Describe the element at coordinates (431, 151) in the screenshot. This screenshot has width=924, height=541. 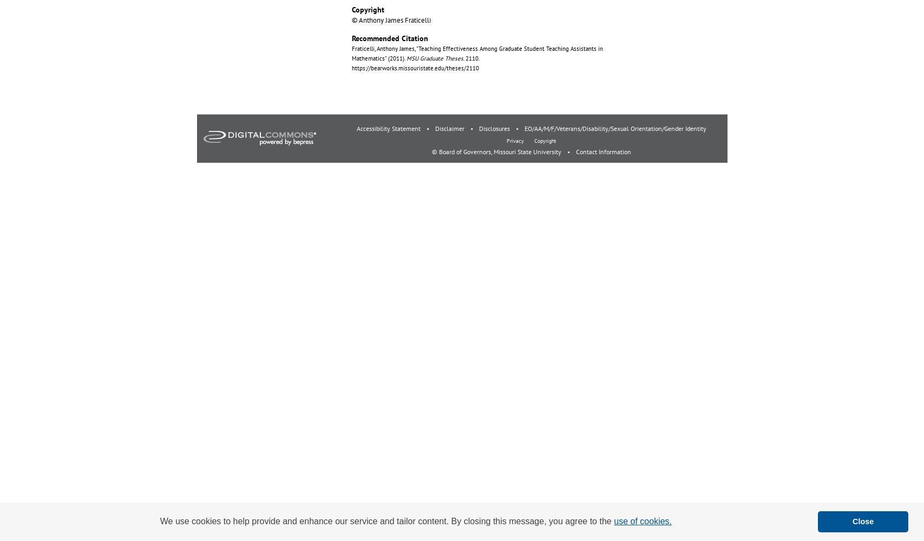
I see `'© Board of Governors, Missouri State University'` at that location.